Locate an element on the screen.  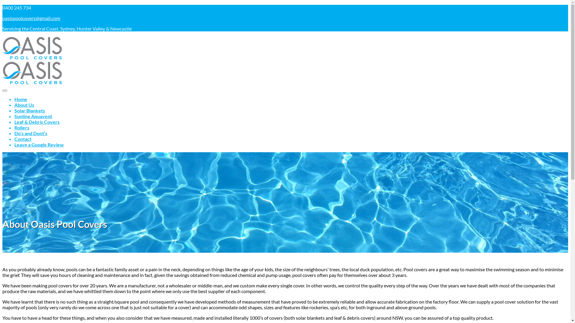
'Solar Blankets' is located at coordinates (29, 110).